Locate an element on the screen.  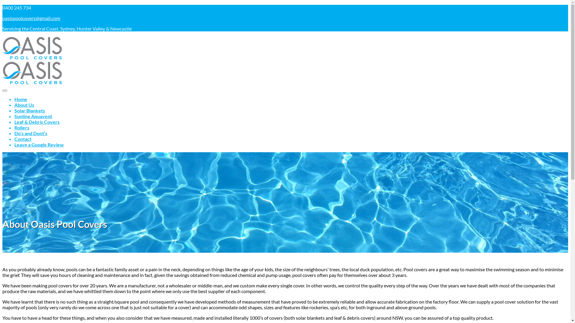
'Solar Blankets' is located at coordinates (29, 110).